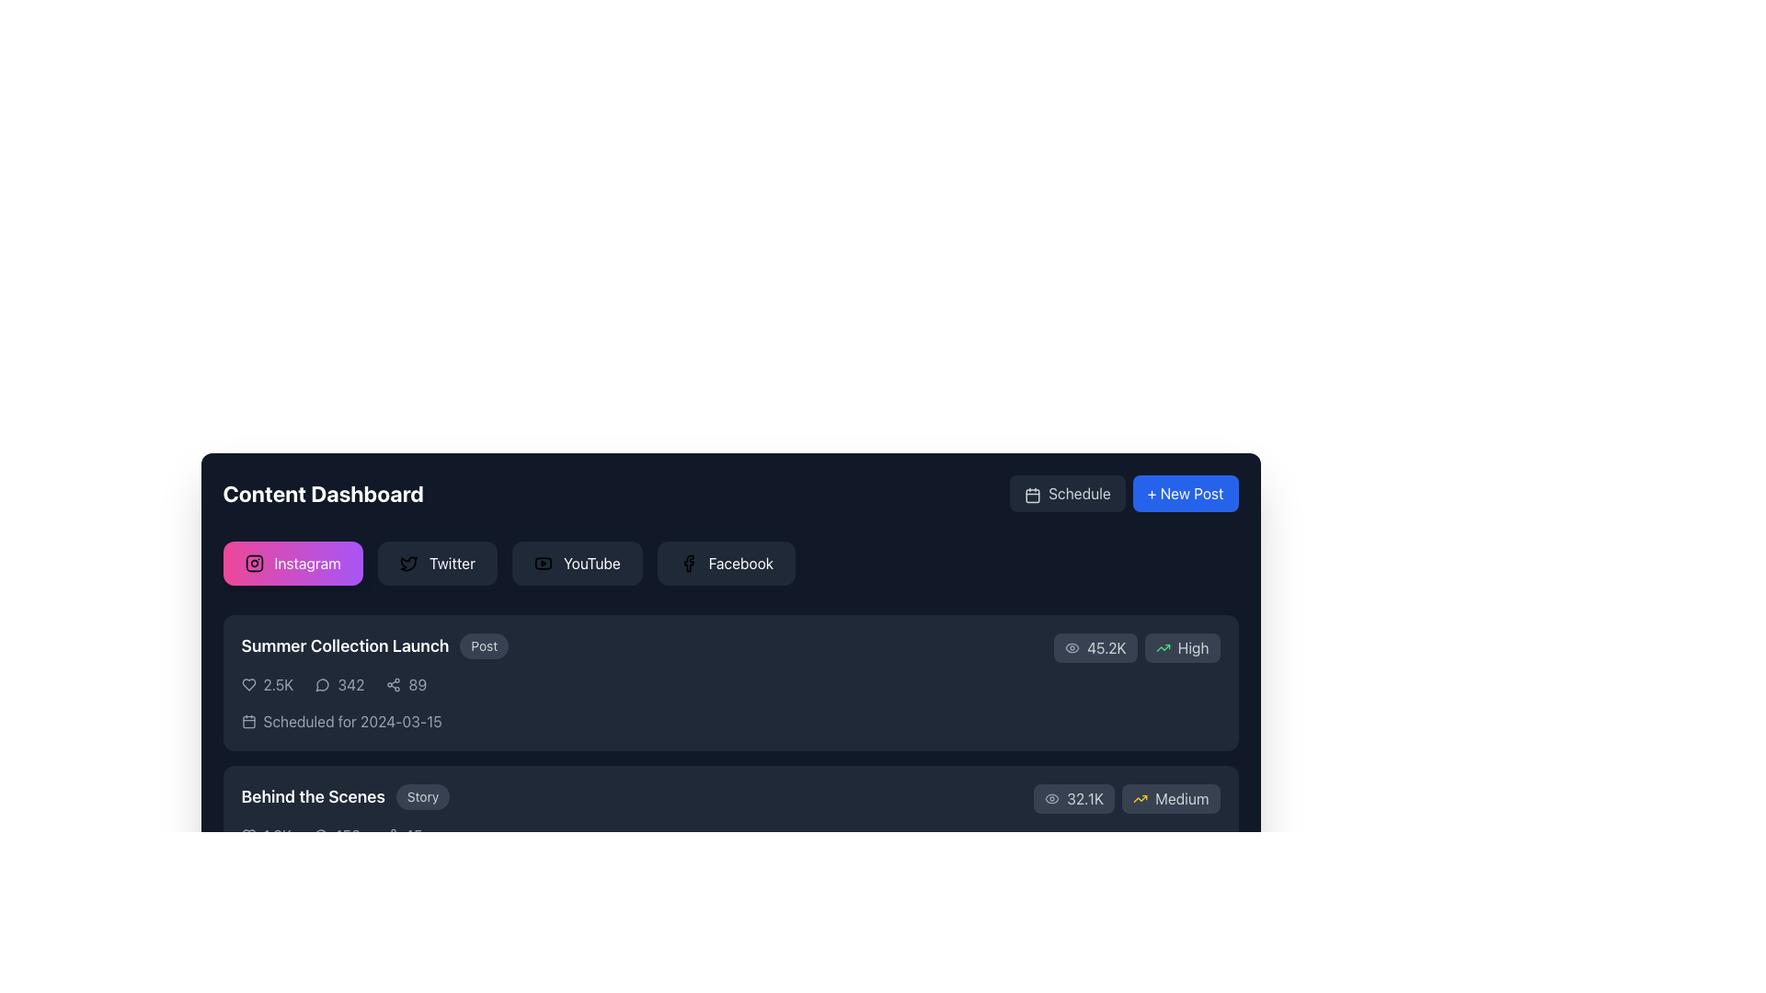  Describe the element at coordinates (393, 684) in the screenshot. I see `the share icon located to the right of the comment count and left of the numeric text '89'` at that location.